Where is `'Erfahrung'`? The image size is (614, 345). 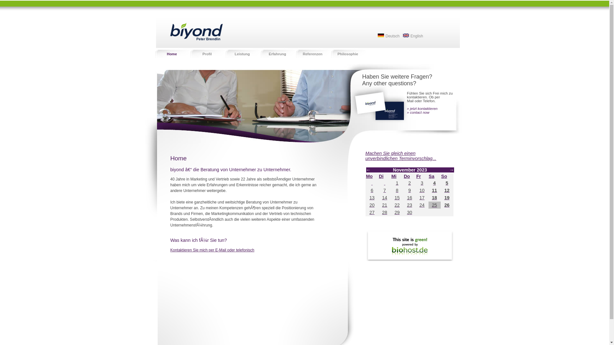 'Erfahrung' is located at coordinates (277, 53).